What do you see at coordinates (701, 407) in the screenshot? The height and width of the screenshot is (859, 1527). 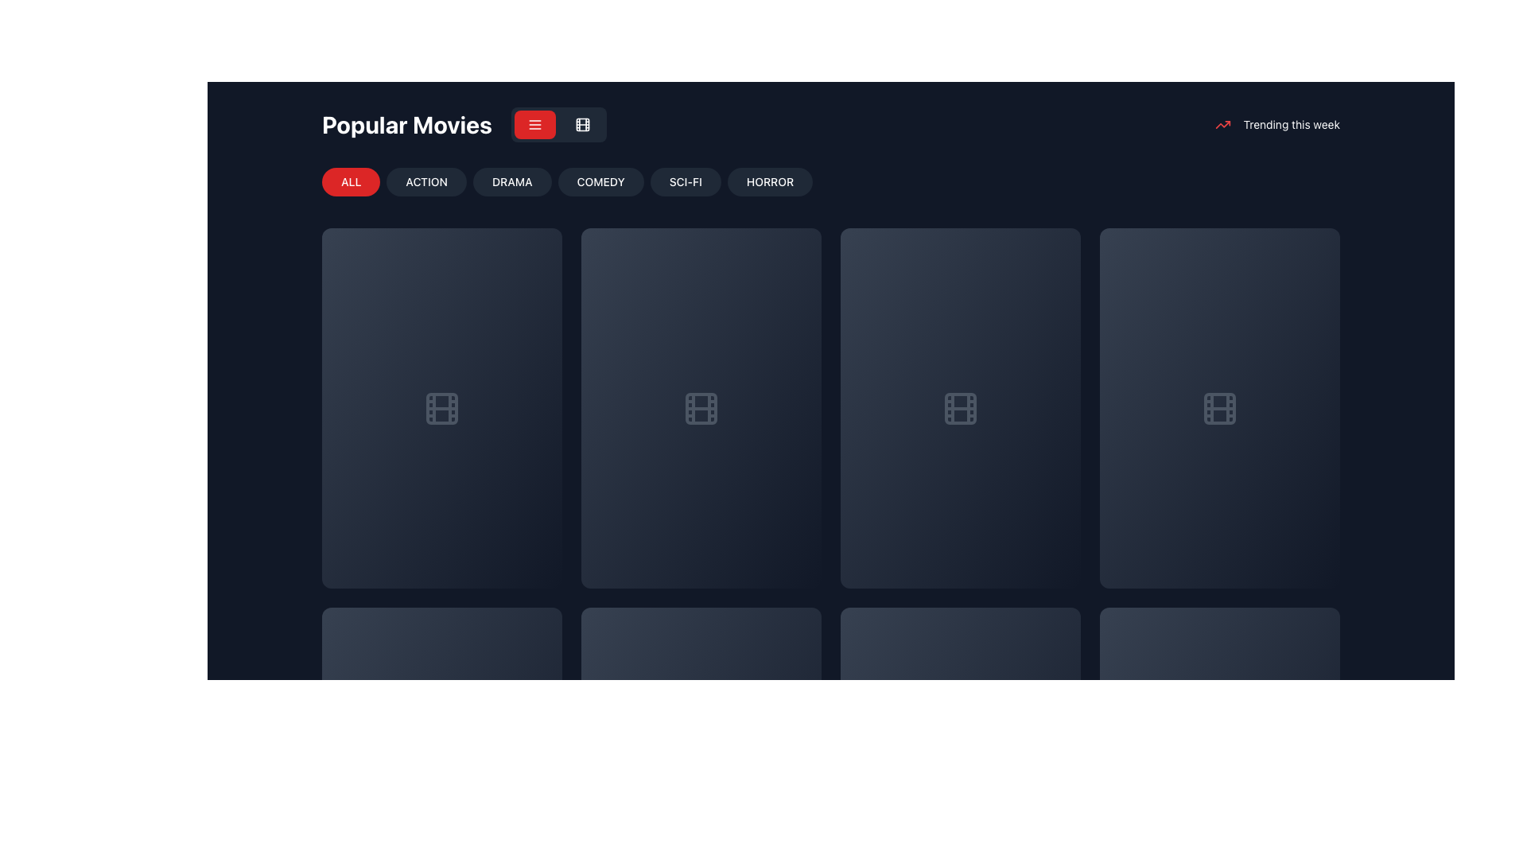 I see `the Icon component which is part of the film reel graphical icon, centered within the larger icon and styled in a dark color` at bounding box center [701, 407].